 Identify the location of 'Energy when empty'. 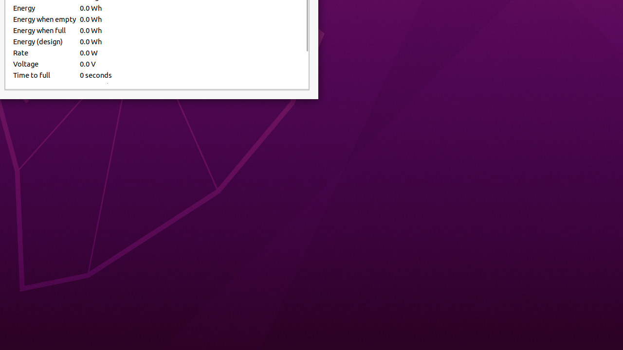
(44, 19).